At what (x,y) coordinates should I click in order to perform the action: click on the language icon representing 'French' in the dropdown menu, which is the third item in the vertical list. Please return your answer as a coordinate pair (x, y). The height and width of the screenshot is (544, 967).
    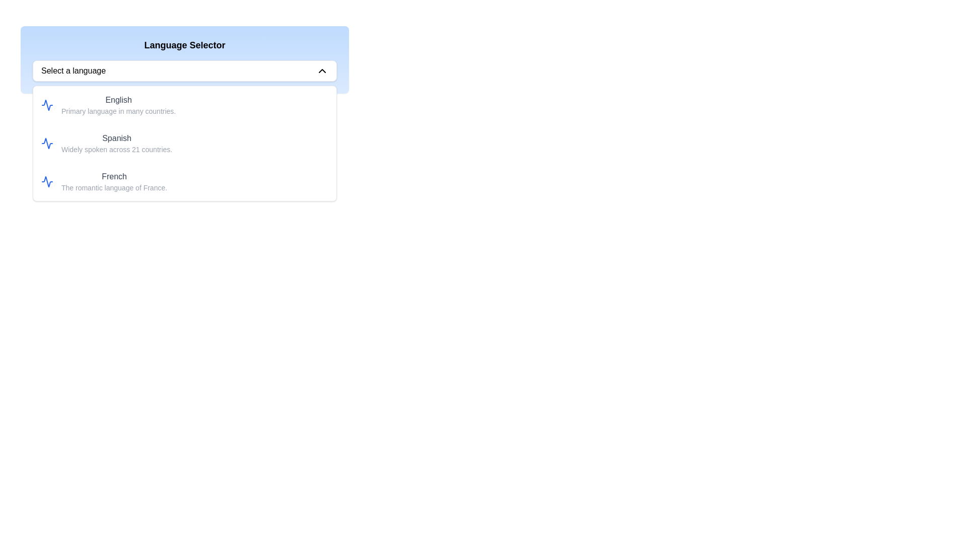
    Looking at the image, I should click on (47, 182).